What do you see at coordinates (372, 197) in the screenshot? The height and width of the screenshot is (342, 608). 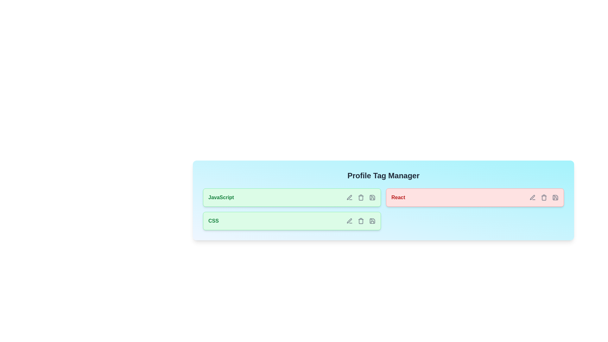 I see `save icon for the tag labeled JavaScript` at bounding box center [372, 197].